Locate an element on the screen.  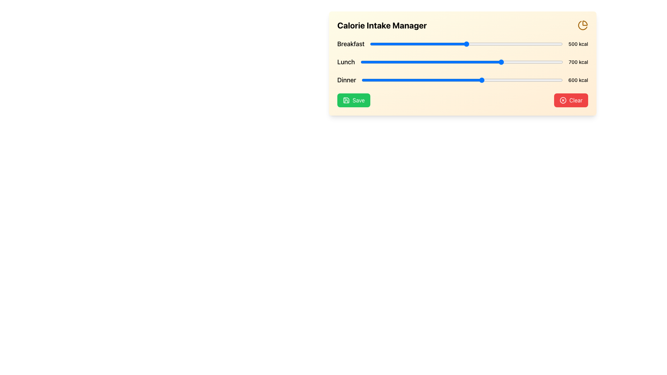
the breakfast calorie intake is located at coordinates (451, 44).